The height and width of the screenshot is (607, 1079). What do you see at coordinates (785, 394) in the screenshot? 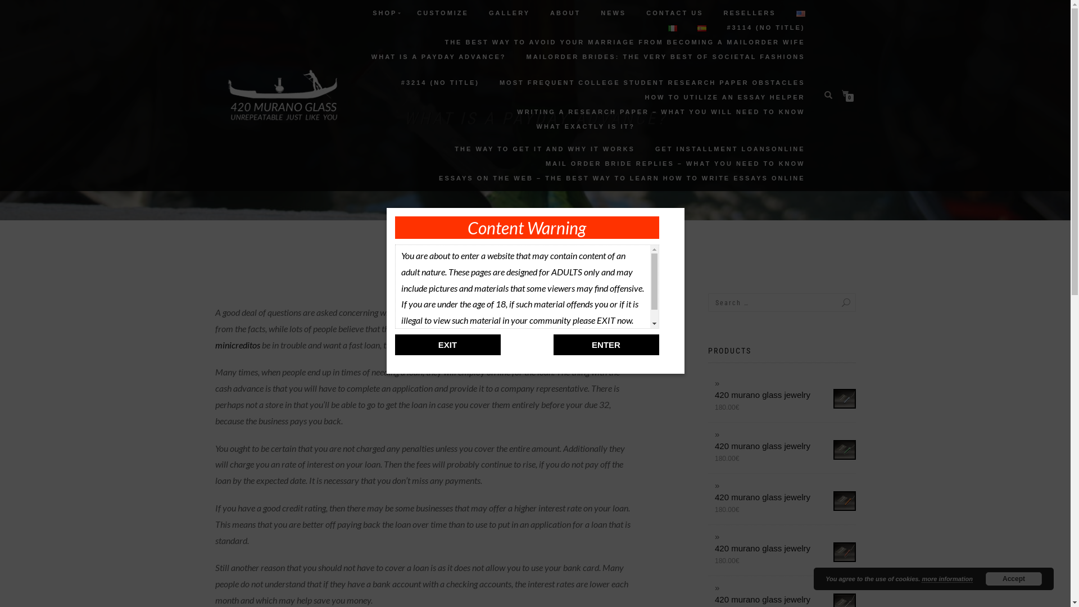
I see `'420 murano glass jewelry'` at bounding box center [785, 394].